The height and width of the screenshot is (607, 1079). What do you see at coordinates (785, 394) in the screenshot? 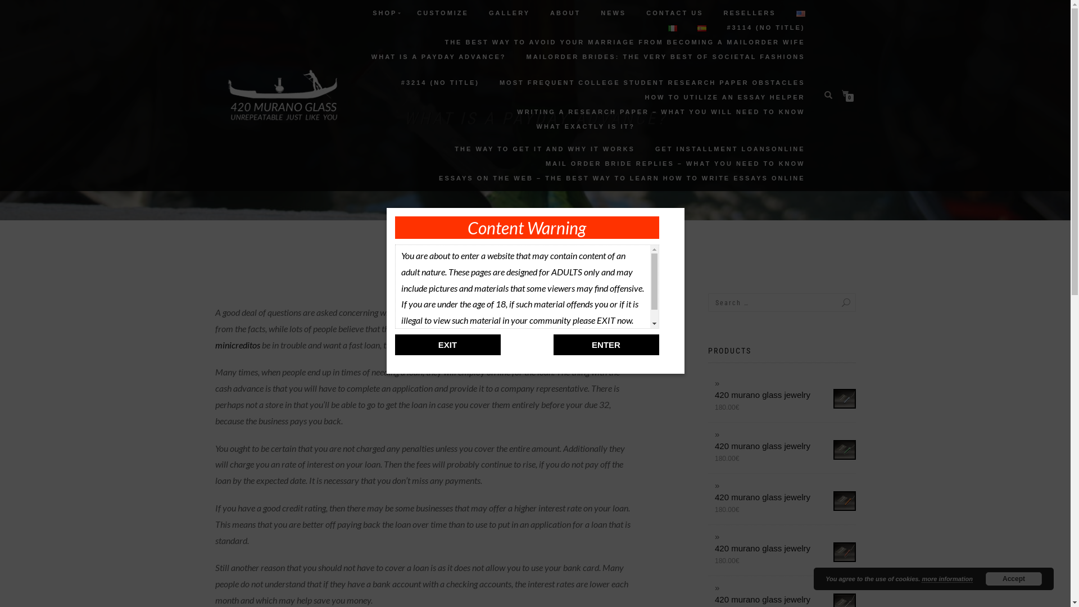
I see `'420 murano glass jewelry'` at bounding box center [785, 394].